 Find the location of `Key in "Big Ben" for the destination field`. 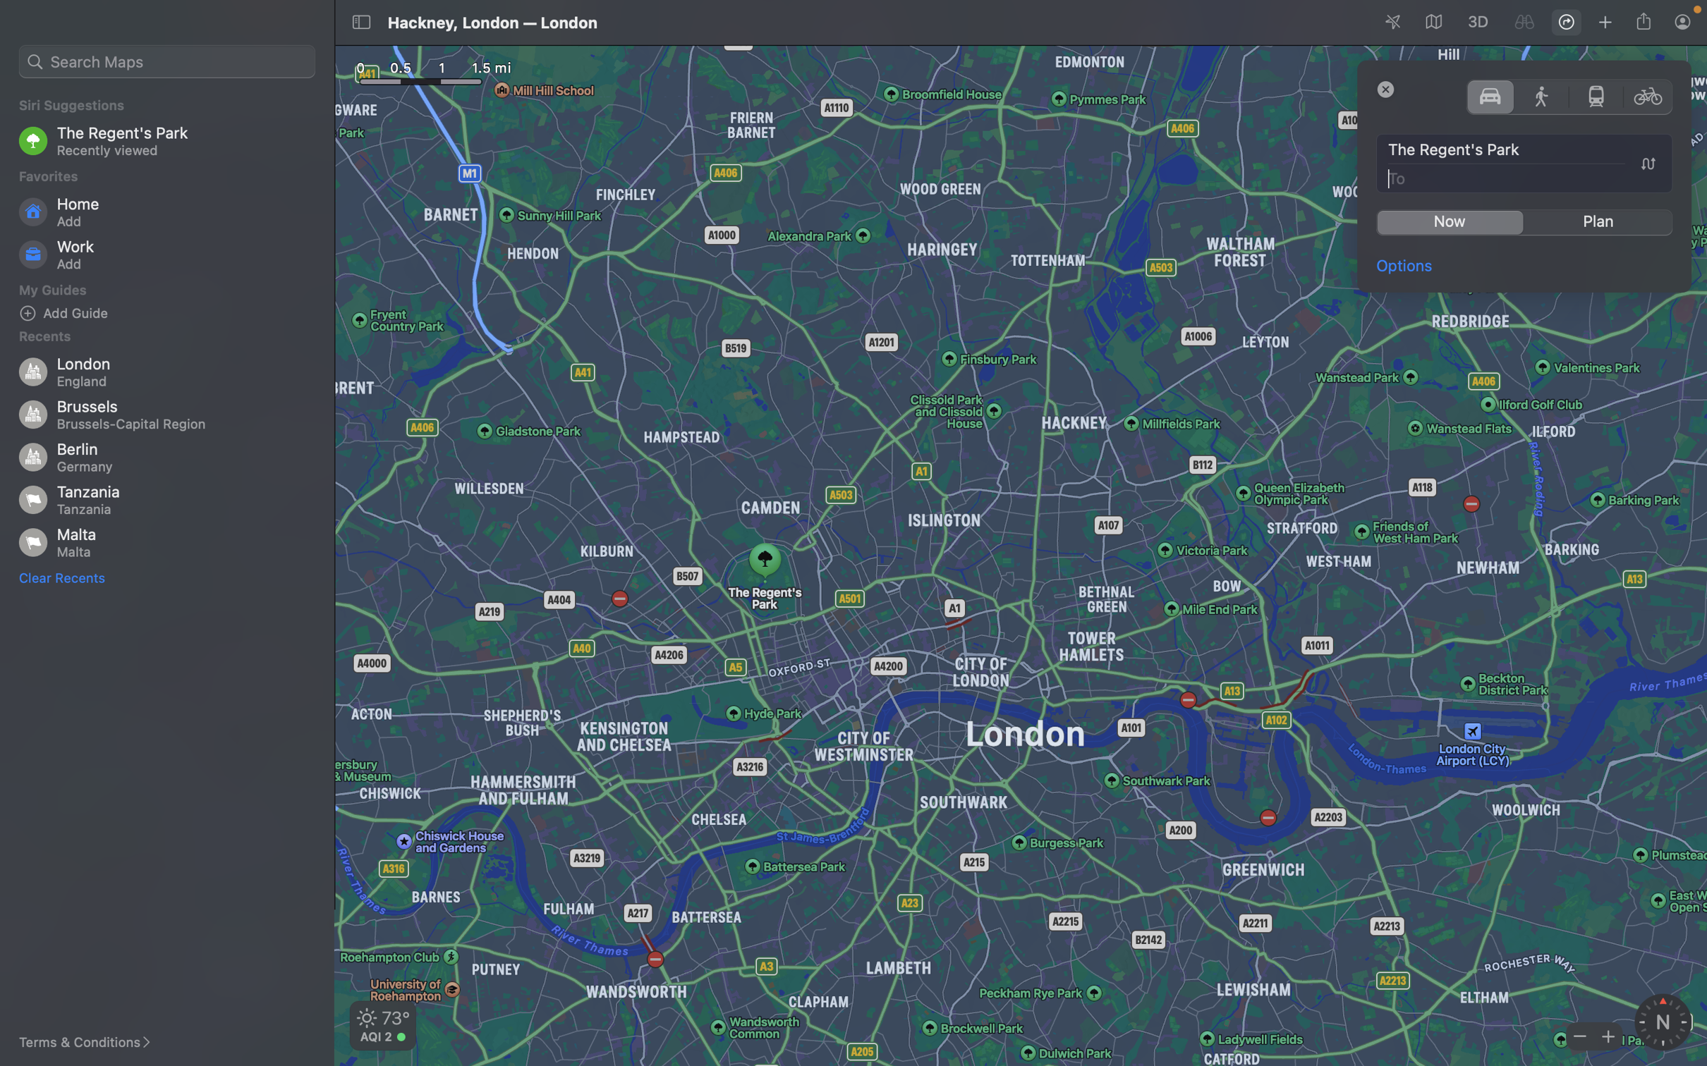

Key in "Big Ben" for the destination field is located at coordinates (1525, 177).